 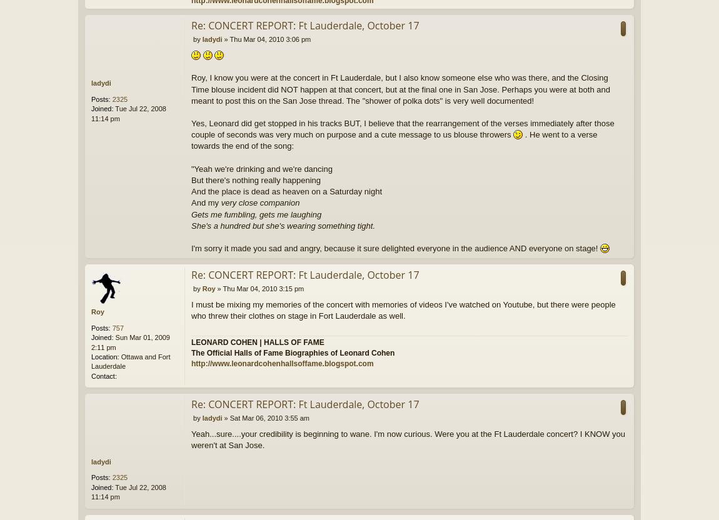 What do you see at coordinates (407, 438) in the screenshot?
I see `'Yeah...sure....your credibility is beginning to wane.  I'm now curious.  Were you at the Ft Lauderdale concert?  I KNOW you weren't at San Jose.'` at bounding box center [407, 438].